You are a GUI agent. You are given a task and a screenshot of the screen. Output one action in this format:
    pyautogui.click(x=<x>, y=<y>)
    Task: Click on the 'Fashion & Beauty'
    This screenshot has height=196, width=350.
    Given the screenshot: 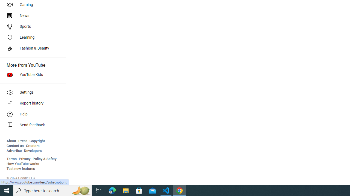 What is the action you would take?
    pyautogui.click(x=31, y=48)
    